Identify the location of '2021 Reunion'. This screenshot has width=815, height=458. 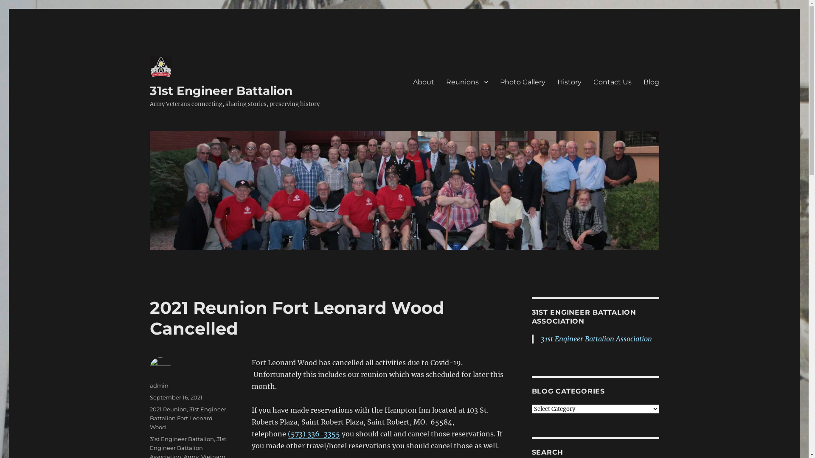
(168, 408).